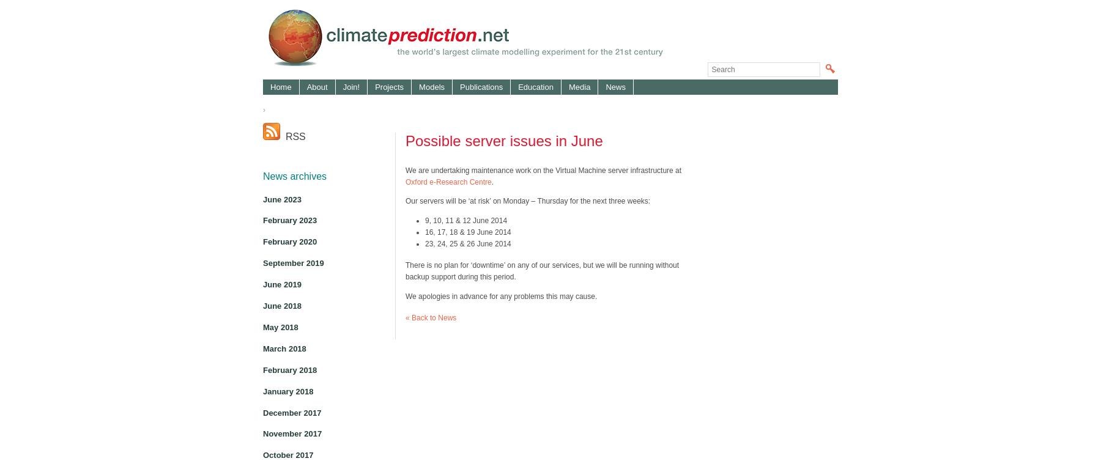  I want to click on 'News archives', so click(294, 176).